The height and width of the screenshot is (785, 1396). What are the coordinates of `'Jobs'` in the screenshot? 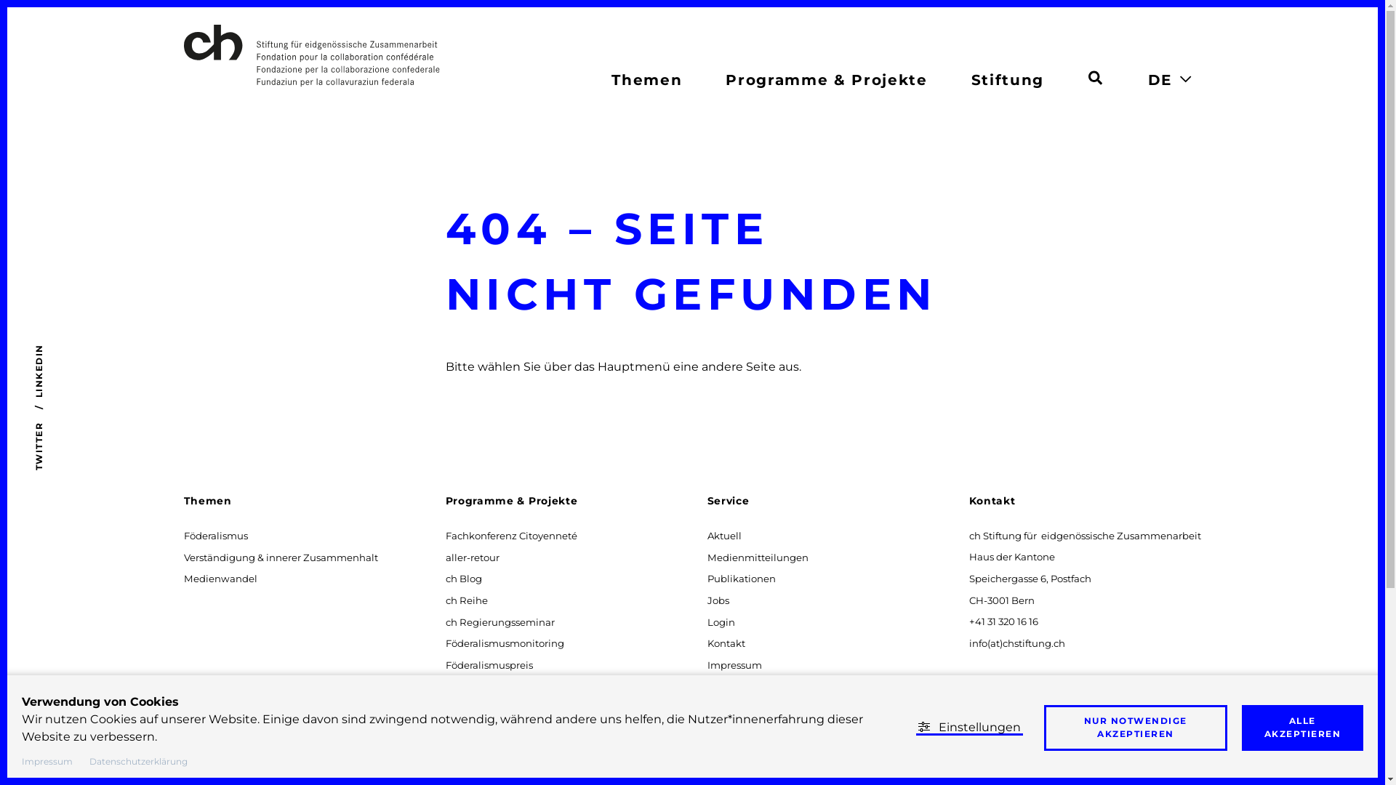 It's located at (718, 600).